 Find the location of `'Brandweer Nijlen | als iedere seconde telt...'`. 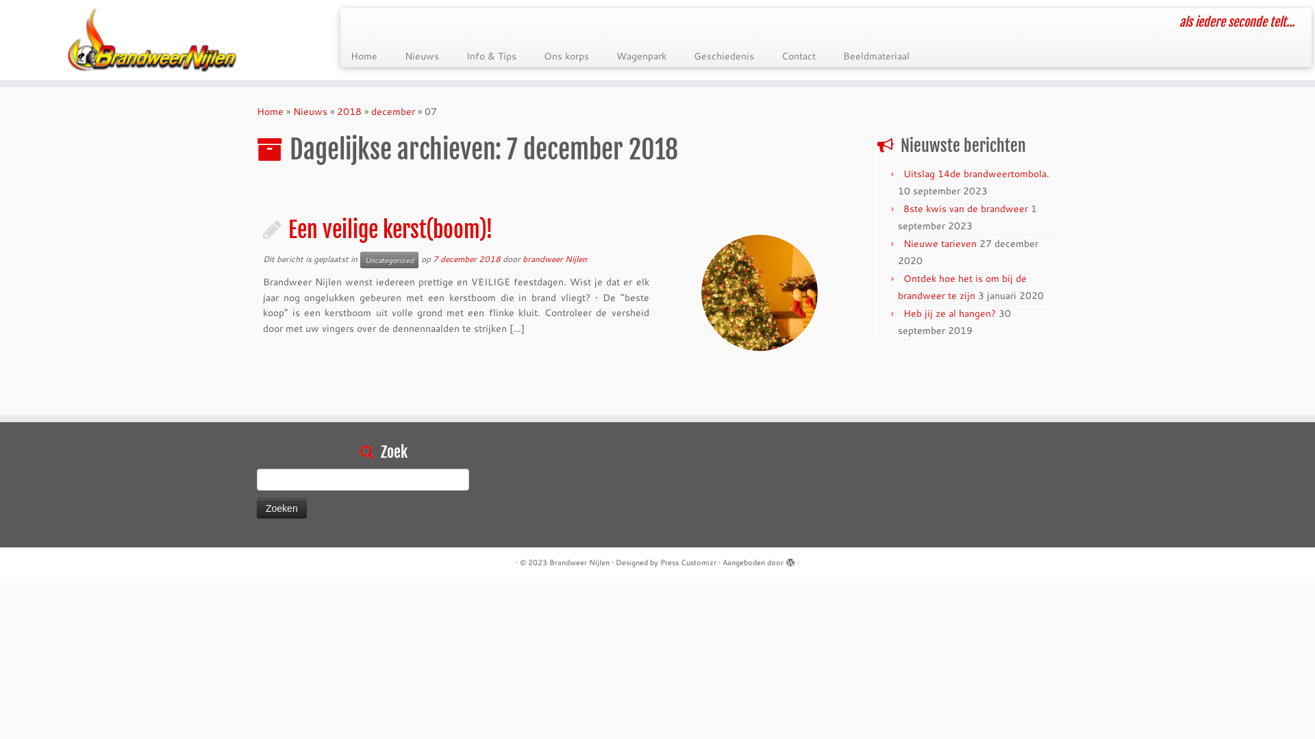

'Brandweer Nijlen | als iedere seconde telt...' is located at coordinates (151, 39).